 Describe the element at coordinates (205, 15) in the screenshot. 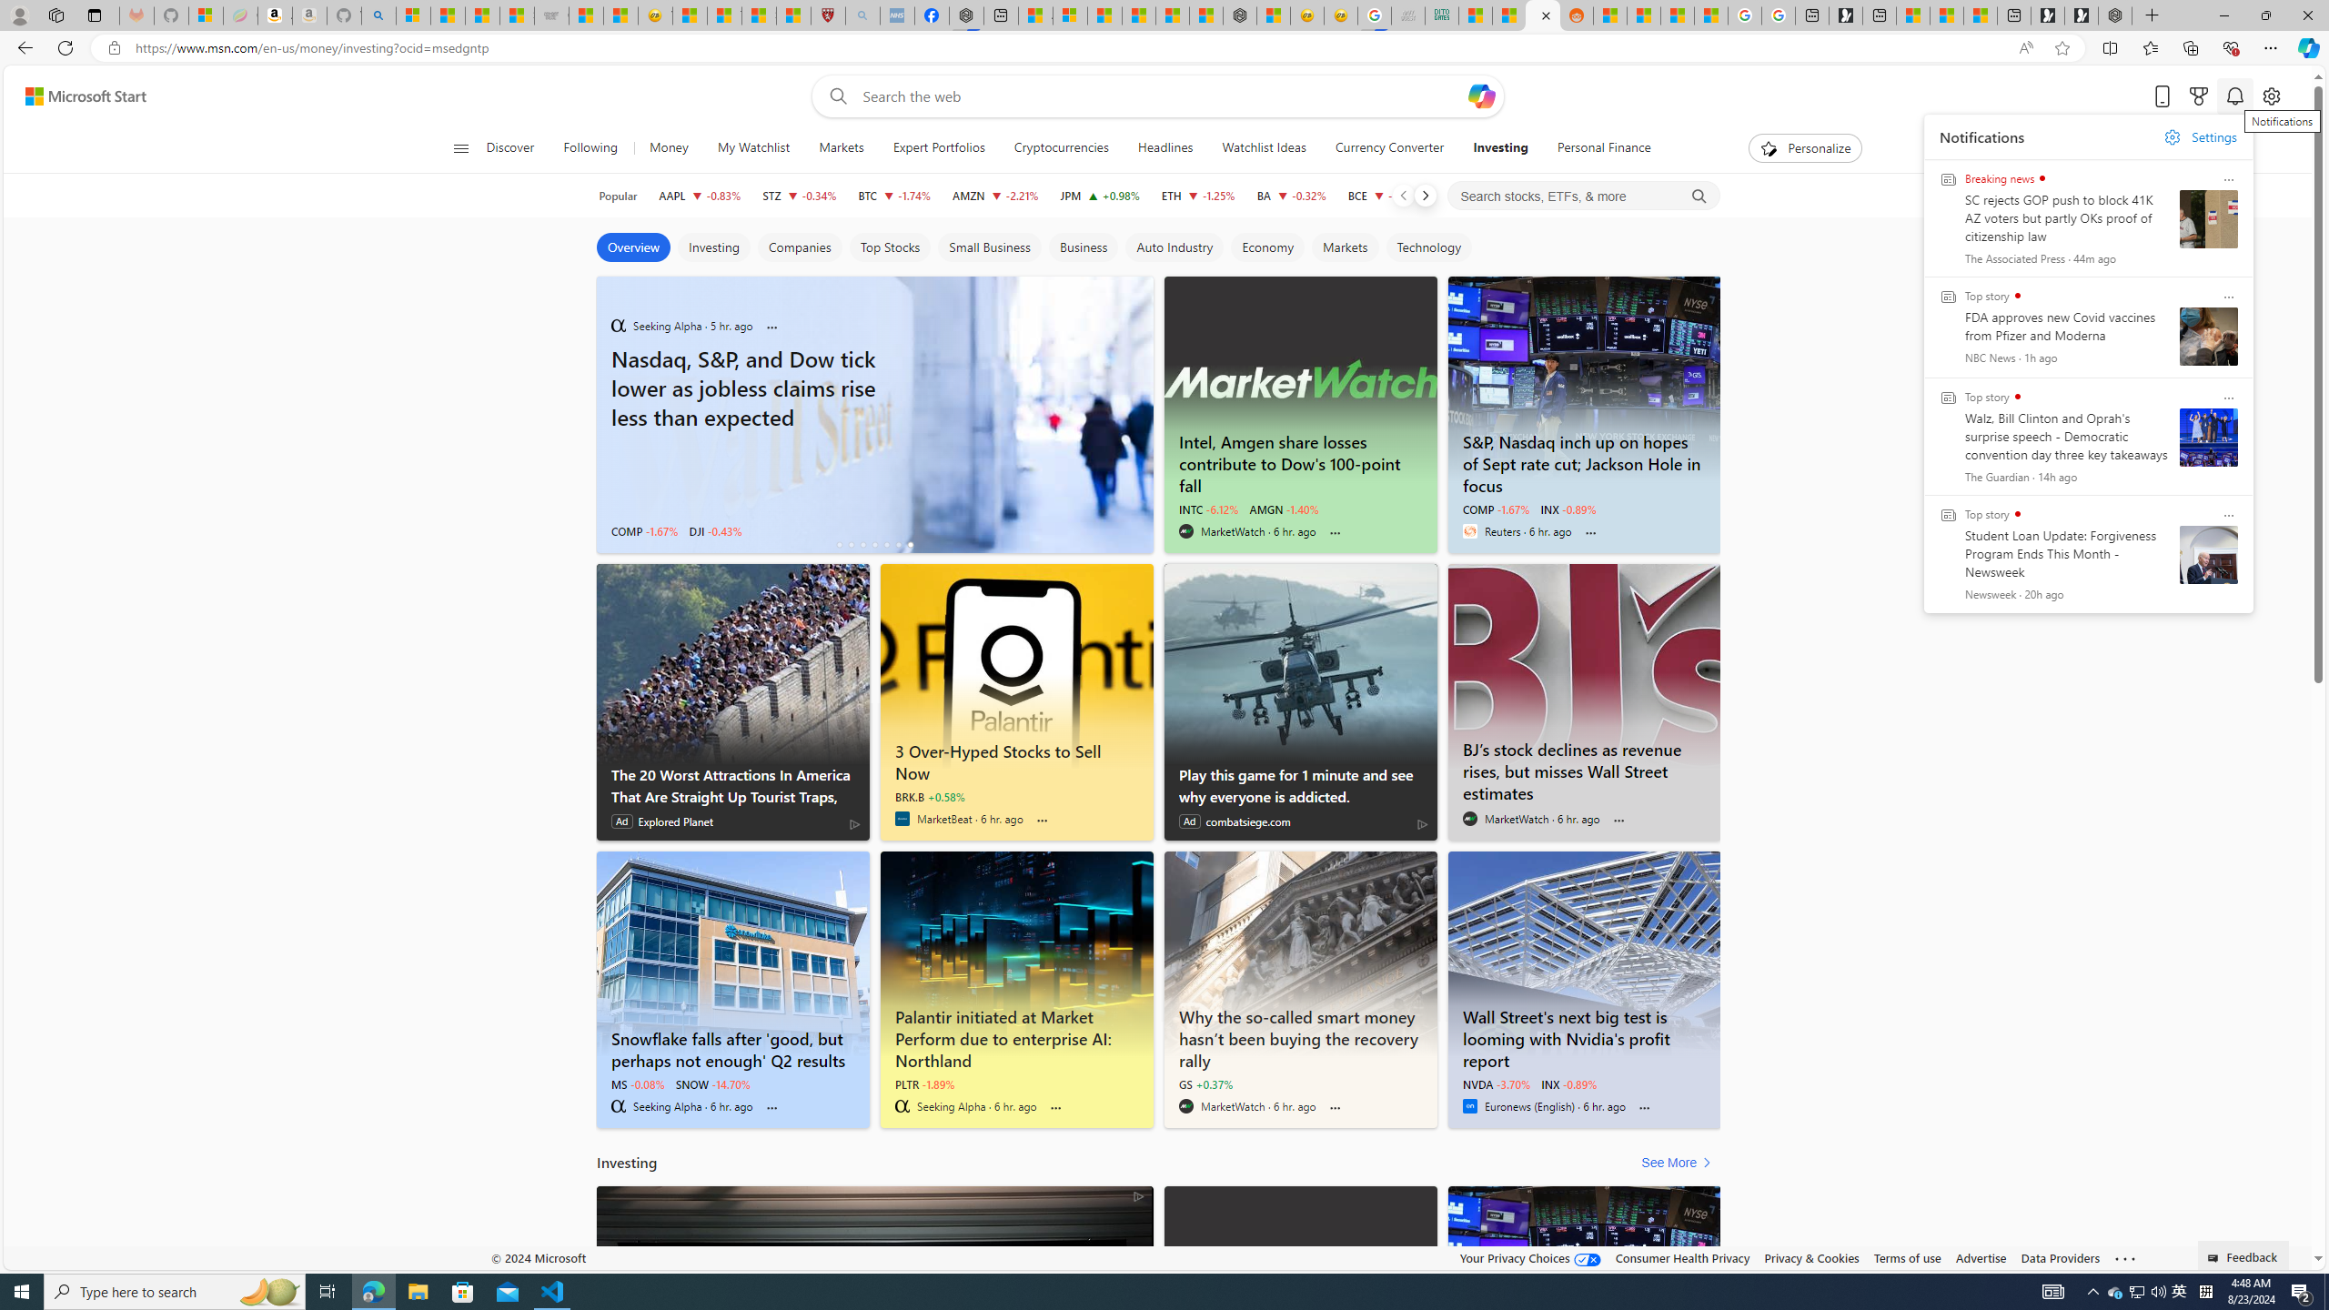

I see `'Microsoft-Report a Concern to Bing'` at that location.